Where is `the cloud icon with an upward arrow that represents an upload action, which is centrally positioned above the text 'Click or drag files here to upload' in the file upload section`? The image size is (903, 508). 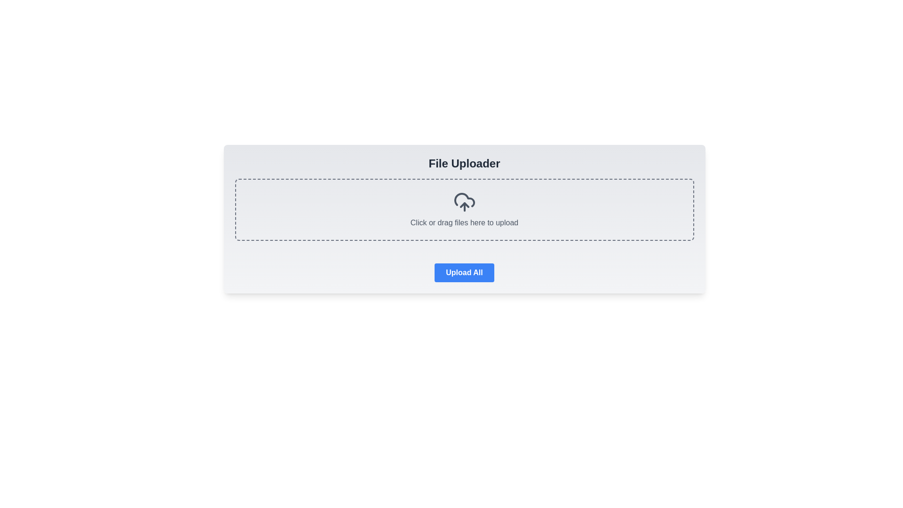
the cloud icon with an upward arrow that represents an upload action, which is centrally positioned above the text 'Click or drag files here to upload' in the file upload section is located at coordinates (464, 201).